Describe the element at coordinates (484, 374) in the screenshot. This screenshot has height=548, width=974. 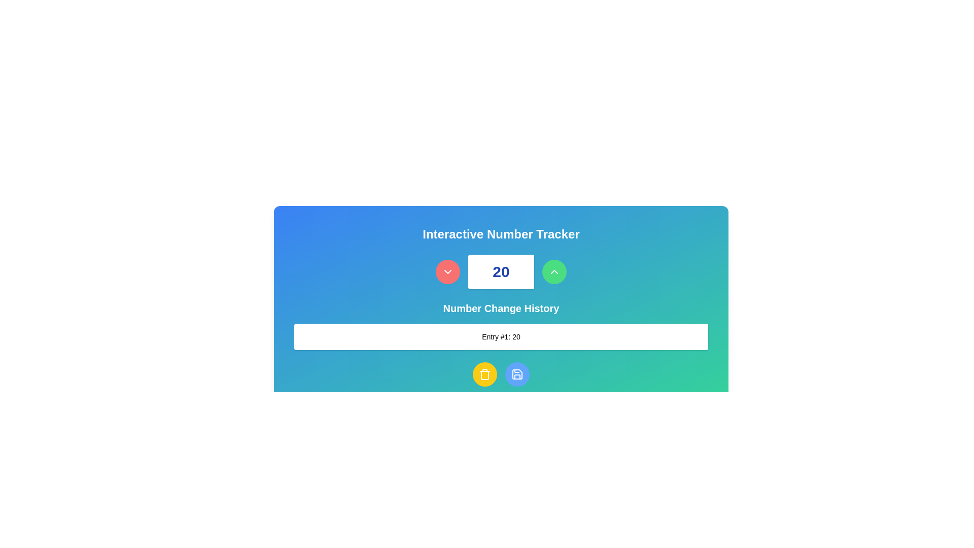
I see `the delete button located within the rounded yellow button at the bottom center of the interface` at that location.